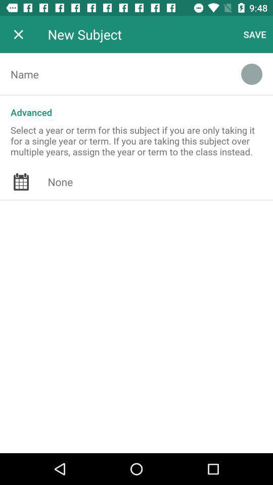  Describe the element at coordinates (18, 34) in the screenshot. I see `the app next to the new subject icon` at that location.